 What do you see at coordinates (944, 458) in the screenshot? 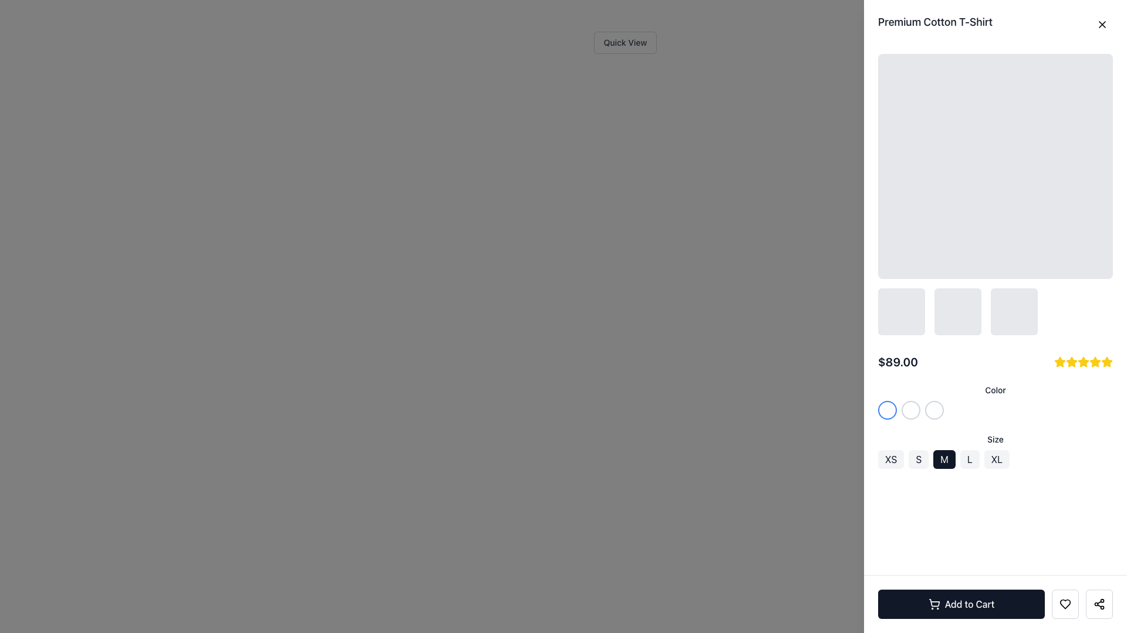
I see `the 'M' size button located in the bottom right section of the interface, between the 'S' and 'L' size buttons` at bounding box center [944, 458].